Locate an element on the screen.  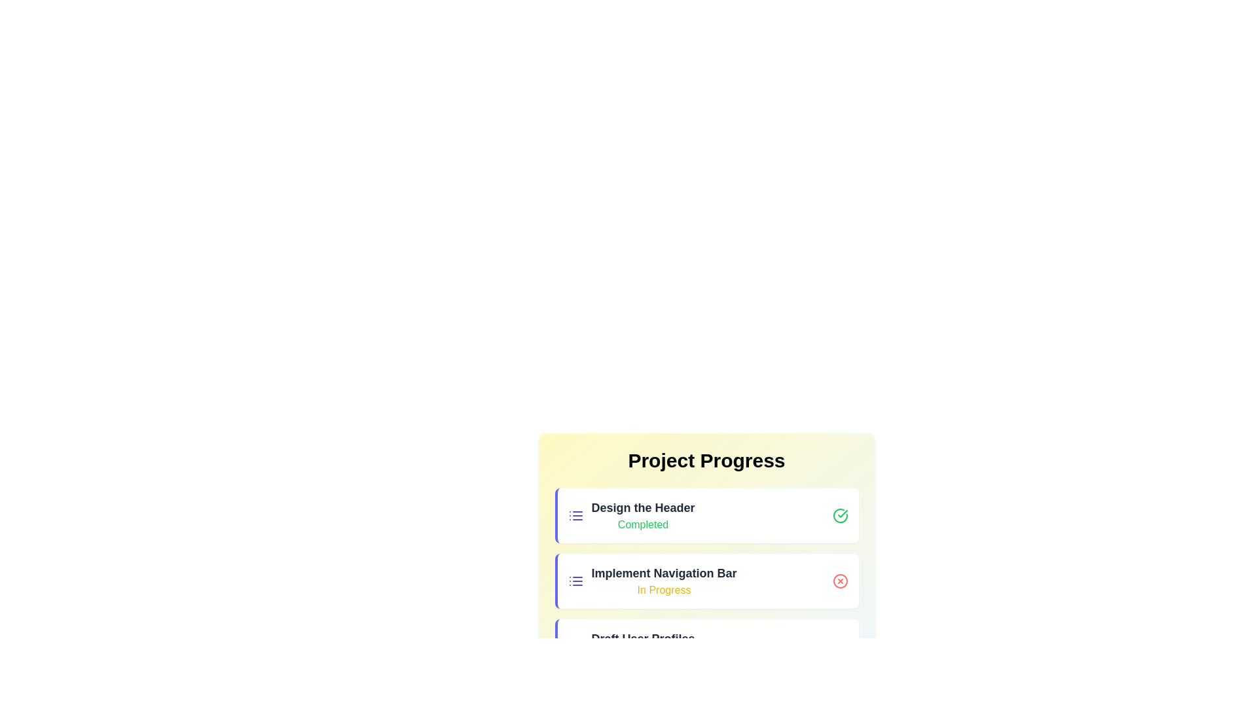
the cross icon for the task Implement Navigation Bar is located at coordinates (840, 580).